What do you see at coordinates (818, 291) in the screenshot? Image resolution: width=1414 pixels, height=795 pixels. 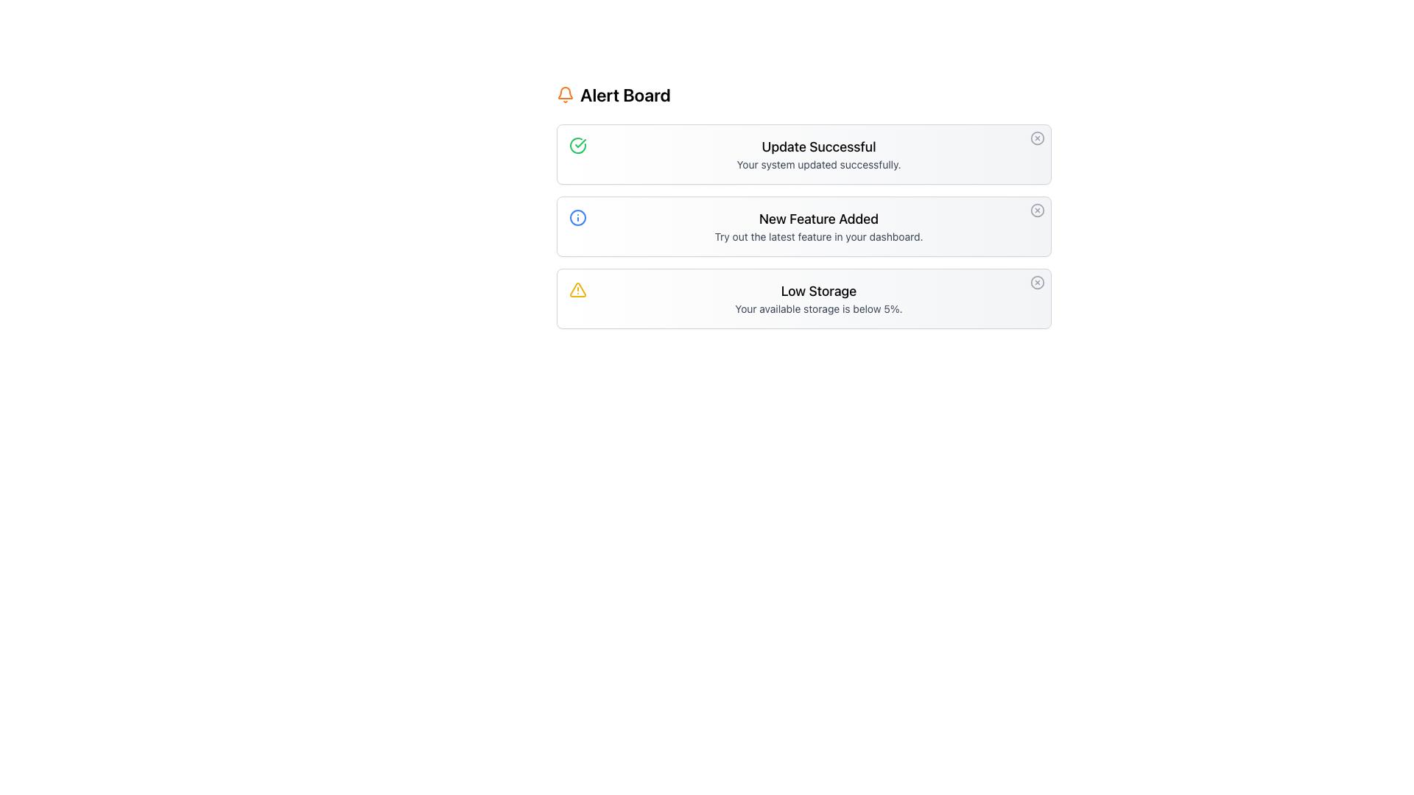 I see `the bolded header text 'Low Storage' within the alert card that indicates storage status` at bounding box center [818, 291].